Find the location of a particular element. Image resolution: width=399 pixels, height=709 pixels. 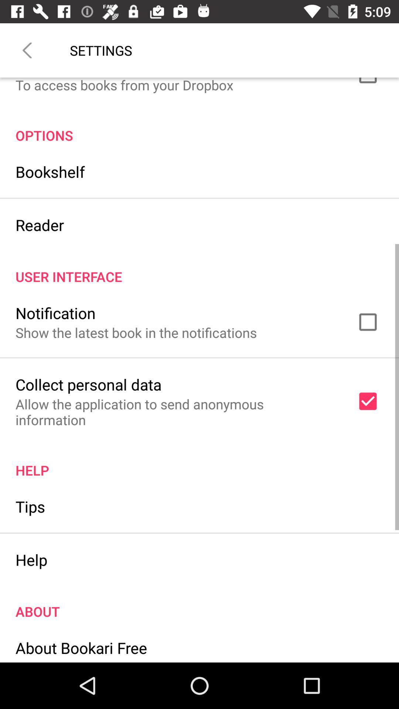

go back is located at coordinates (27, 50).